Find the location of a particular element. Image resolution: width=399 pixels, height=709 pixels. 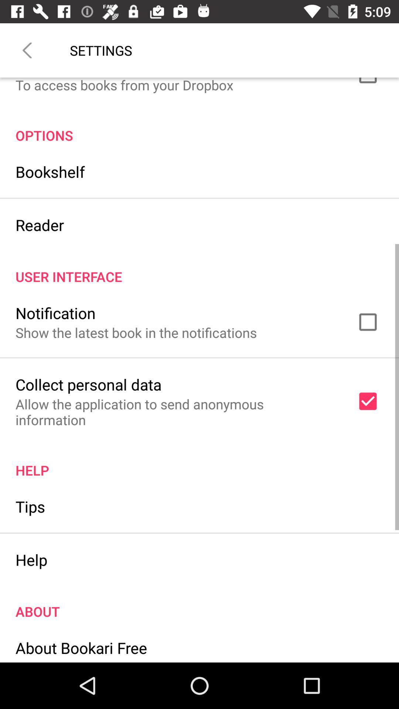

go back is located at coordinates (27, 50).